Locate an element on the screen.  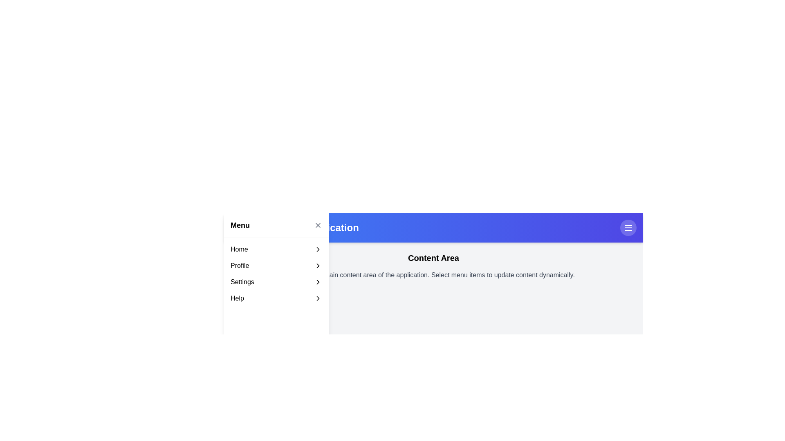
the chevron icon located to the right of the 'Profile' menu item in the sidebar menu is located at coordinates (317, 266).